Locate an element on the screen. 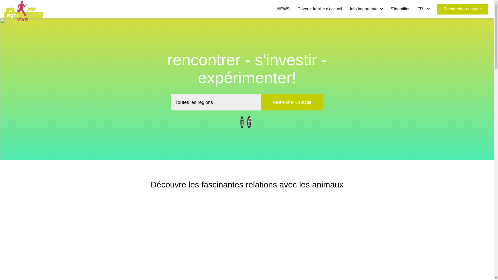 The width and height of the screenshot is (498, 280). 'Info importante' is located at coordinates (366, 9).